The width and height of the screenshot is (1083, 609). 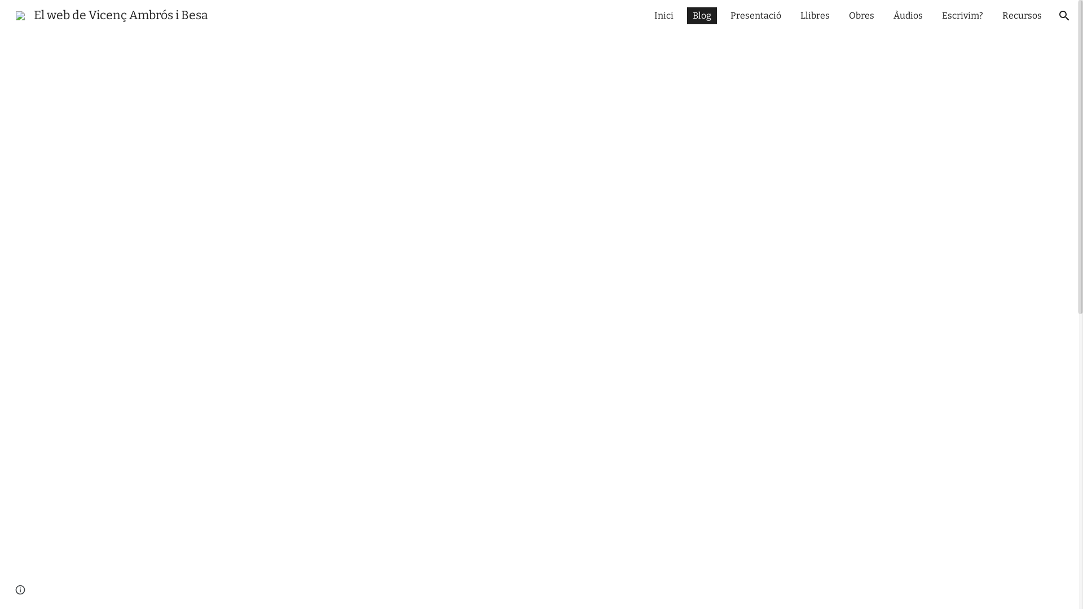 What do you see at coordinates (996, 15) in the screenshot?
I see `'Recursos'` at bounding box center [996, 15].